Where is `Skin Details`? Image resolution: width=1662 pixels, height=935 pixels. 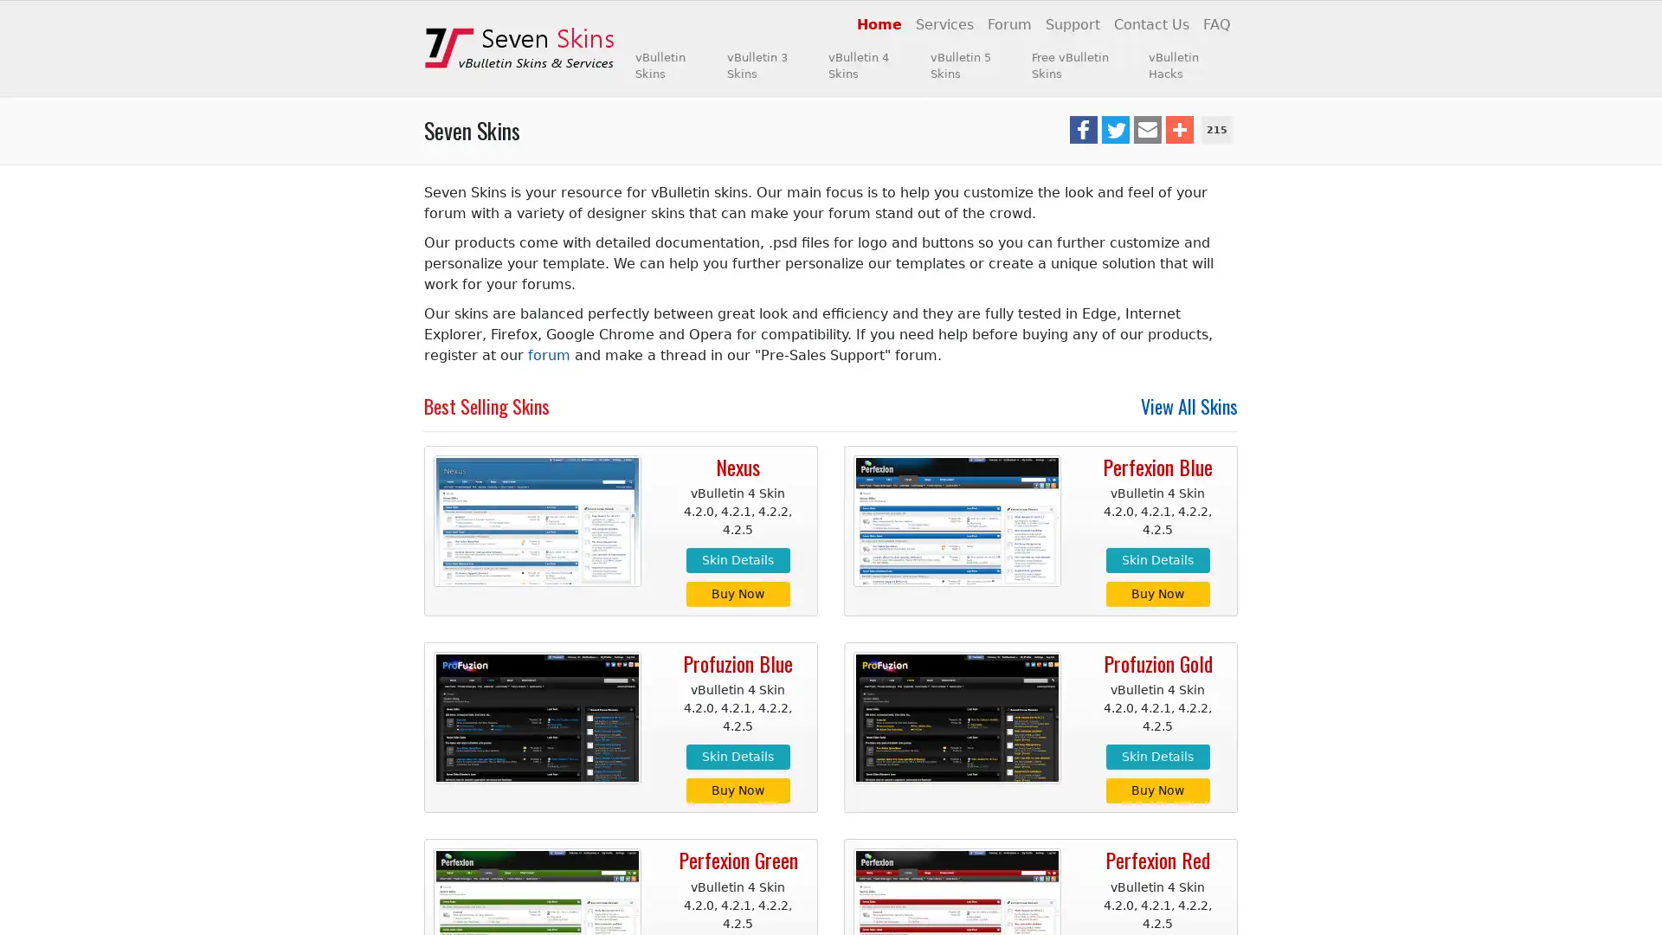 Skin Details is located at coordinates (737, 559).